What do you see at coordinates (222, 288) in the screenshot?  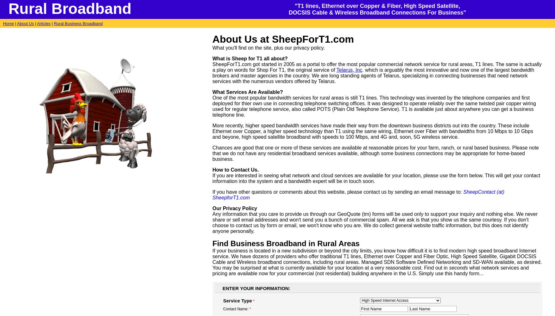 I see `'ENTER YOUR INFORMATION:'` at bounding box center [222, 288].